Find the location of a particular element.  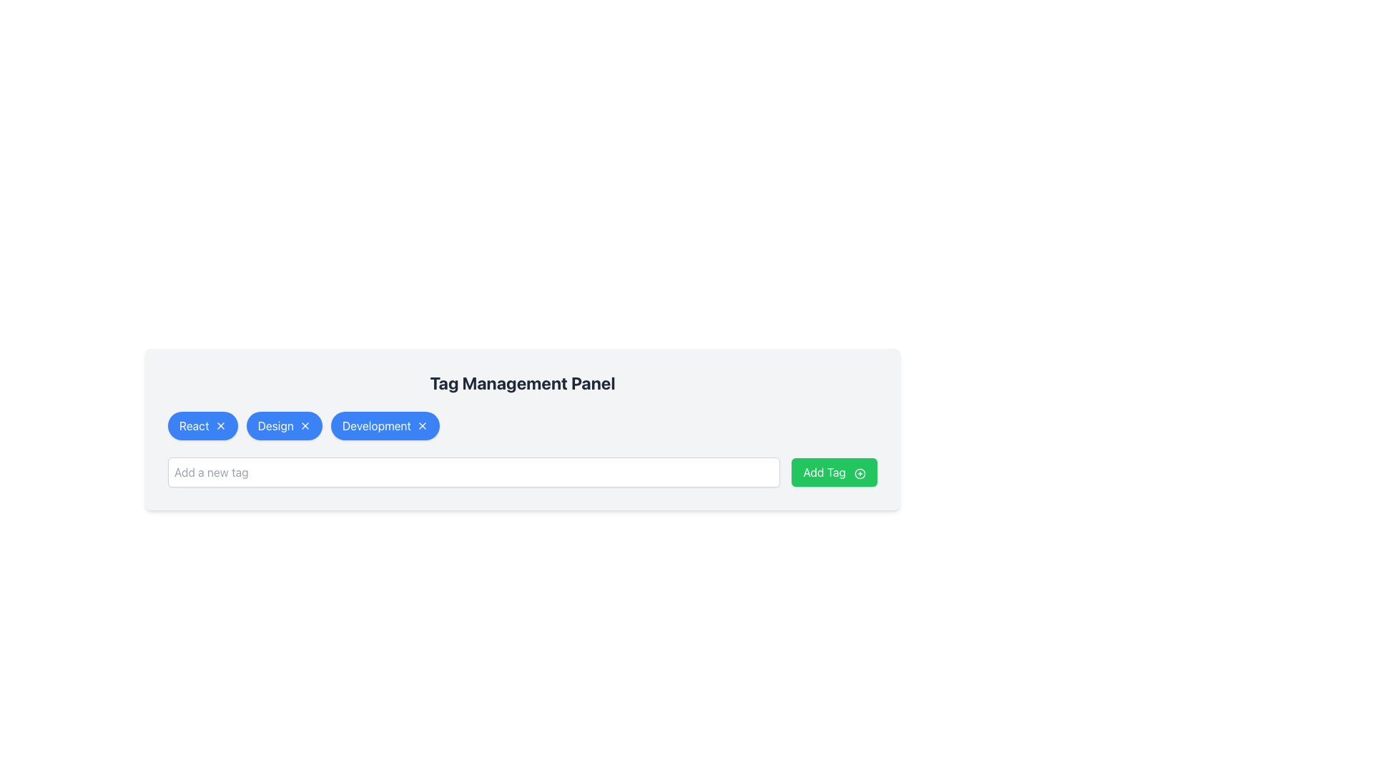

the button labeled 'Add a new tag' located on the right side of the input field to append a new tag is located at coordinates (834, 472).